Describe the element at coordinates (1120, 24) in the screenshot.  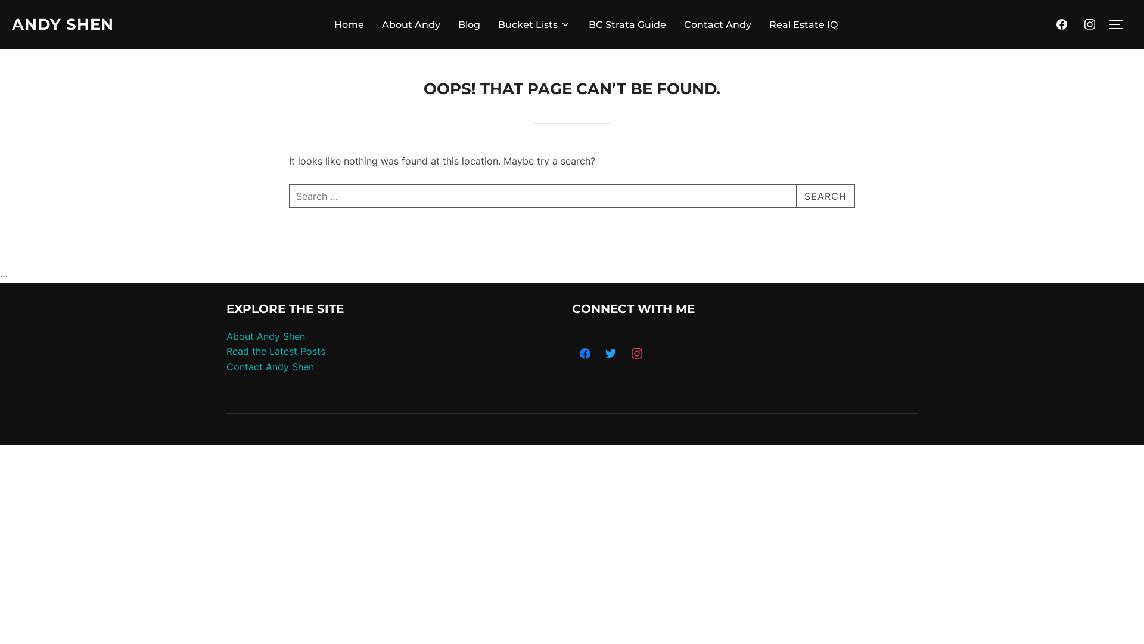
I see `'TOGGLE SIDEBAR & NAVIGATION'` at that location.